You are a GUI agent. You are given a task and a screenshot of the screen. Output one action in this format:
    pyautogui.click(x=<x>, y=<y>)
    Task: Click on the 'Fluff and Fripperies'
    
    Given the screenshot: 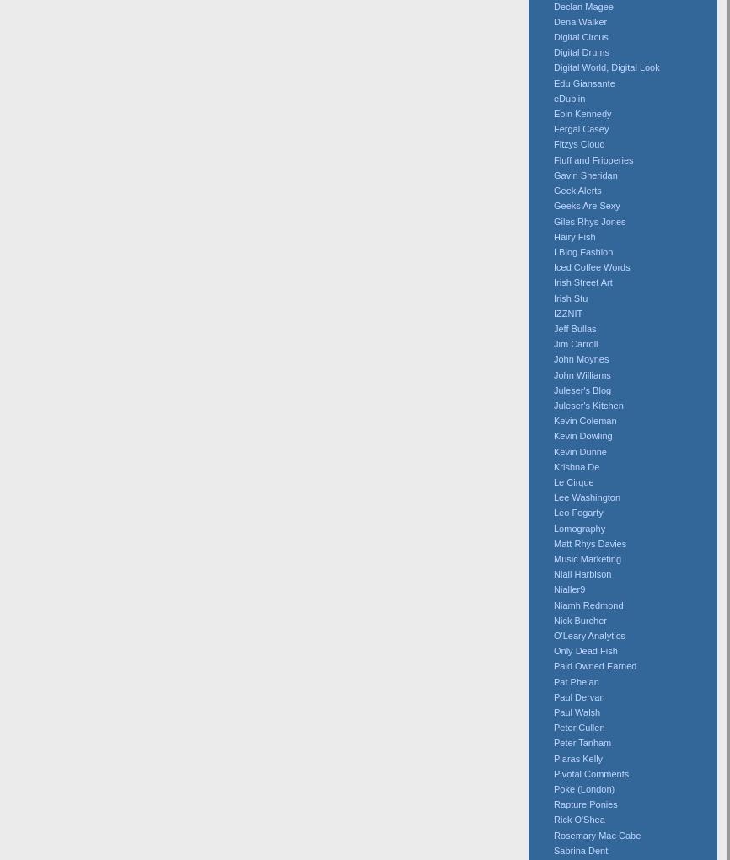 What is the action you would take?
    pyautogui.click(x=592, y=159)
    